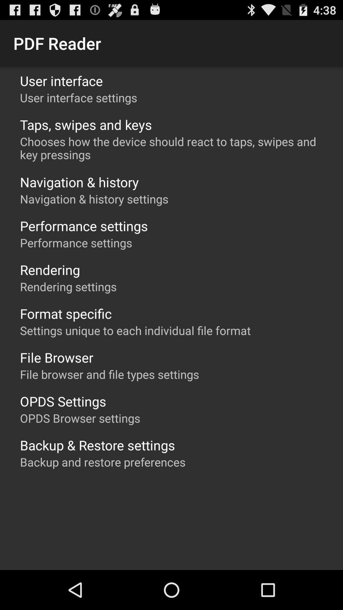 The height and width of the screenshot is (610, 343). Describe the element at coordinates (66, 314) in the screenshot. I see `item below the rendering settings item` at that location.